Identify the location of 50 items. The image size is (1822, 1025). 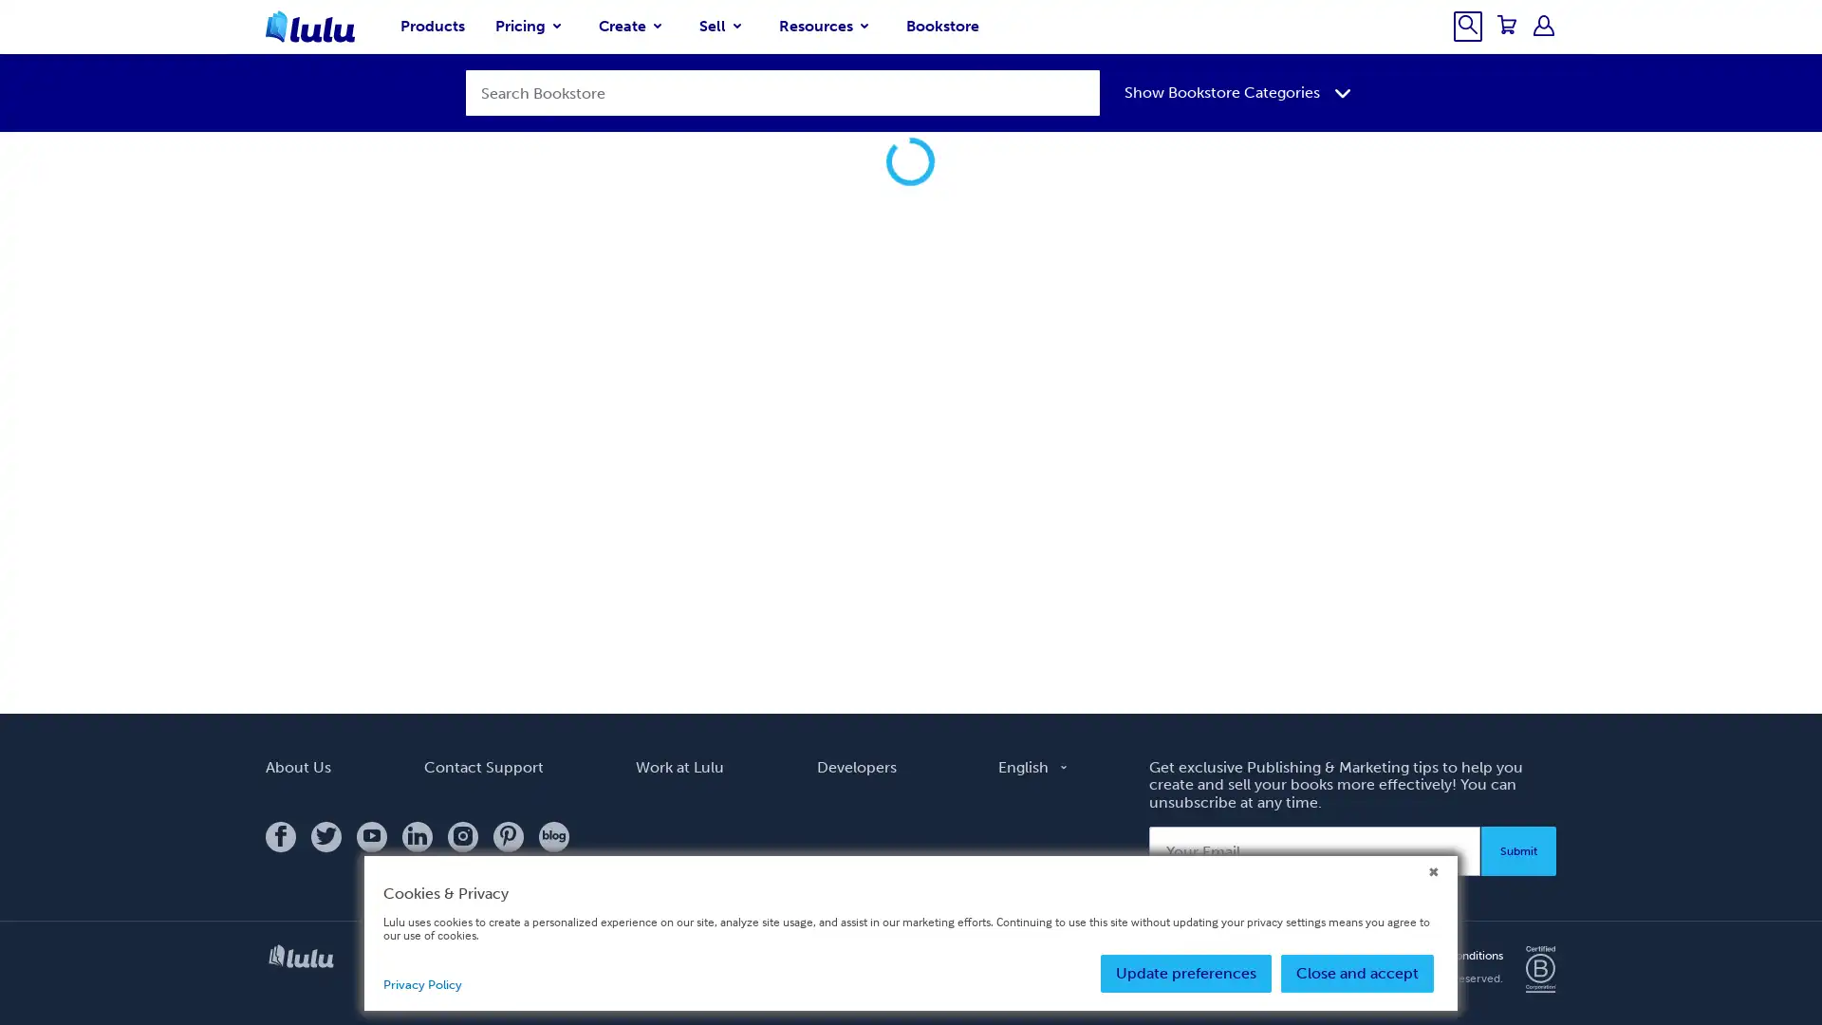
(755, 590).